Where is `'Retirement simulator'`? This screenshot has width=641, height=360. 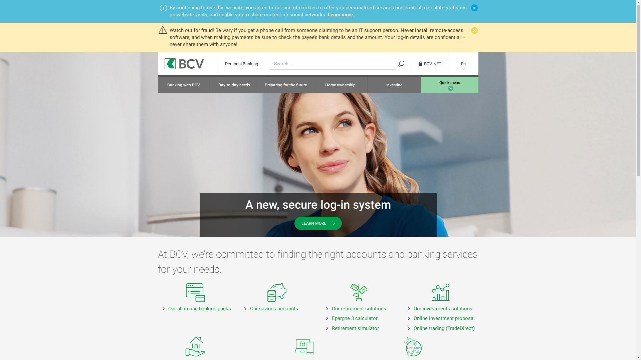 'Retirement simulator' is located at coordinates (355, 328).